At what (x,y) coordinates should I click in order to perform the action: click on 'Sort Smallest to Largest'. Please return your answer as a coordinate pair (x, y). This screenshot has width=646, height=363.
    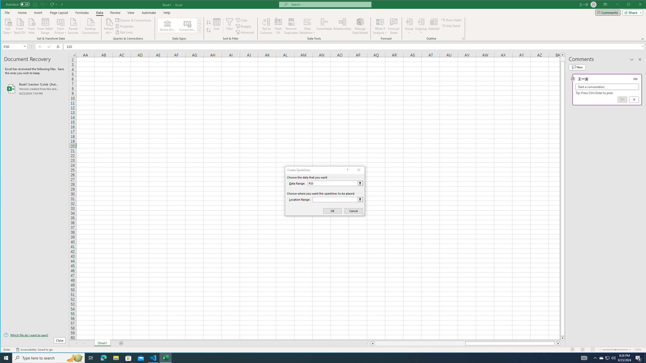
    Looking at the image, I should click on (208, 22).